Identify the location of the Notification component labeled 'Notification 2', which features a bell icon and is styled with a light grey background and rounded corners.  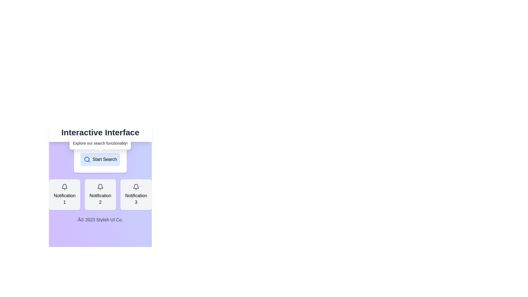
(100, 194).